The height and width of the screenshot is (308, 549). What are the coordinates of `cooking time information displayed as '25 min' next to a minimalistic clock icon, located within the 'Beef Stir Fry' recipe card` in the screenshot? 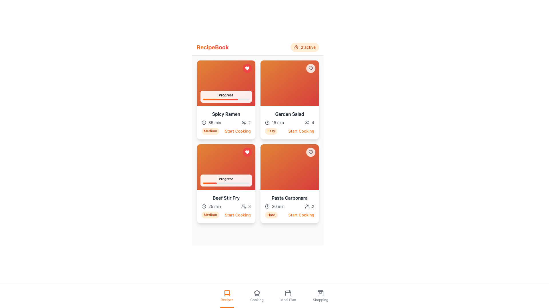 It's located at (211, 206).